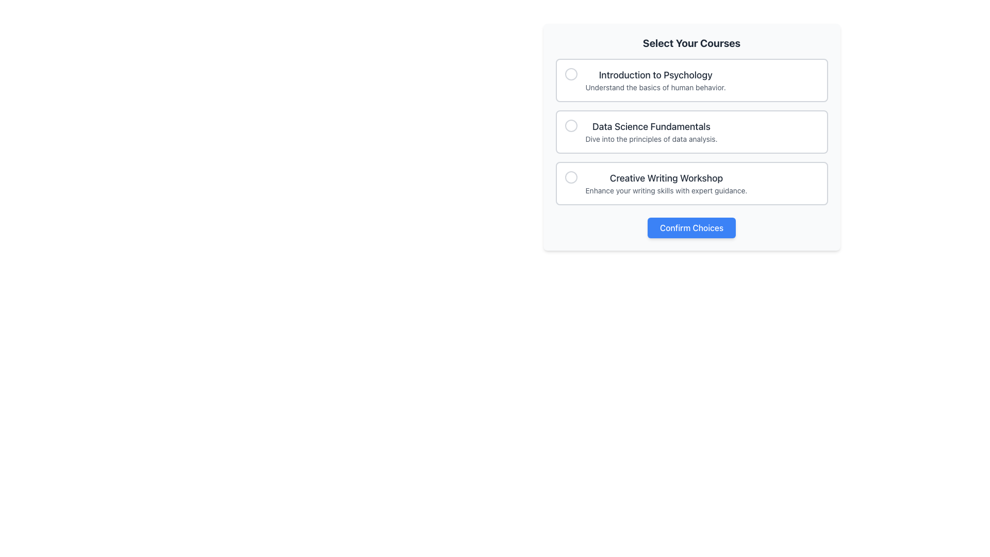 The width and height of the screenshot is (990, 557). What do you see at coordinates (666, 191) in the screenshot?
I see `the Descriptive Text element that reads 'Enhance your writing skills with expert guidance.' located below 'Creative Writing Workshop.'` at bounding box center [666, 191].